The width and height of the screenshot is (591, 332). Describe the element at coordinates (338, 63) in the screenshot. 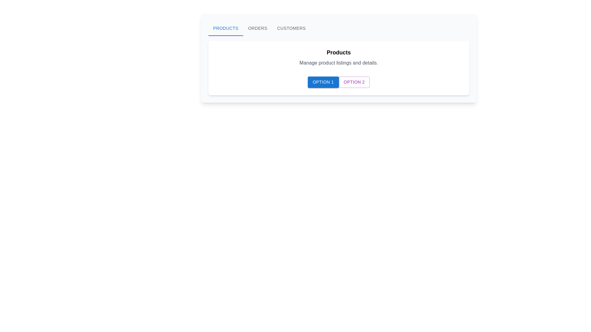

I see `the descriptive text label providing context for the 'Products' section, which is located below the heading and above the buttons 'Option 1' and 'Option 2.'` at that location.